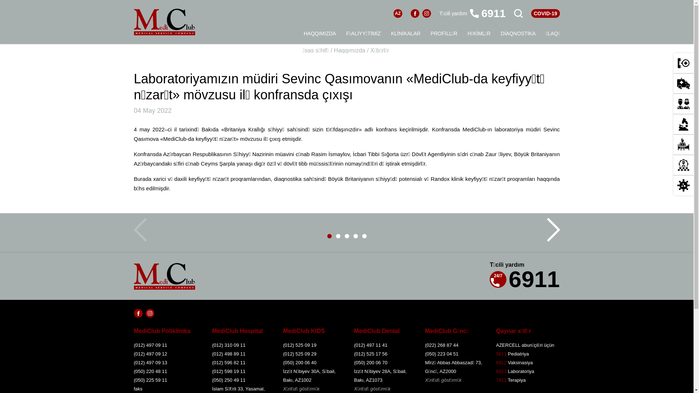  What do you see at coordinates (531, 13) in the screenshot?
I see `'COVID-19'` at bounding box center [531, 13].